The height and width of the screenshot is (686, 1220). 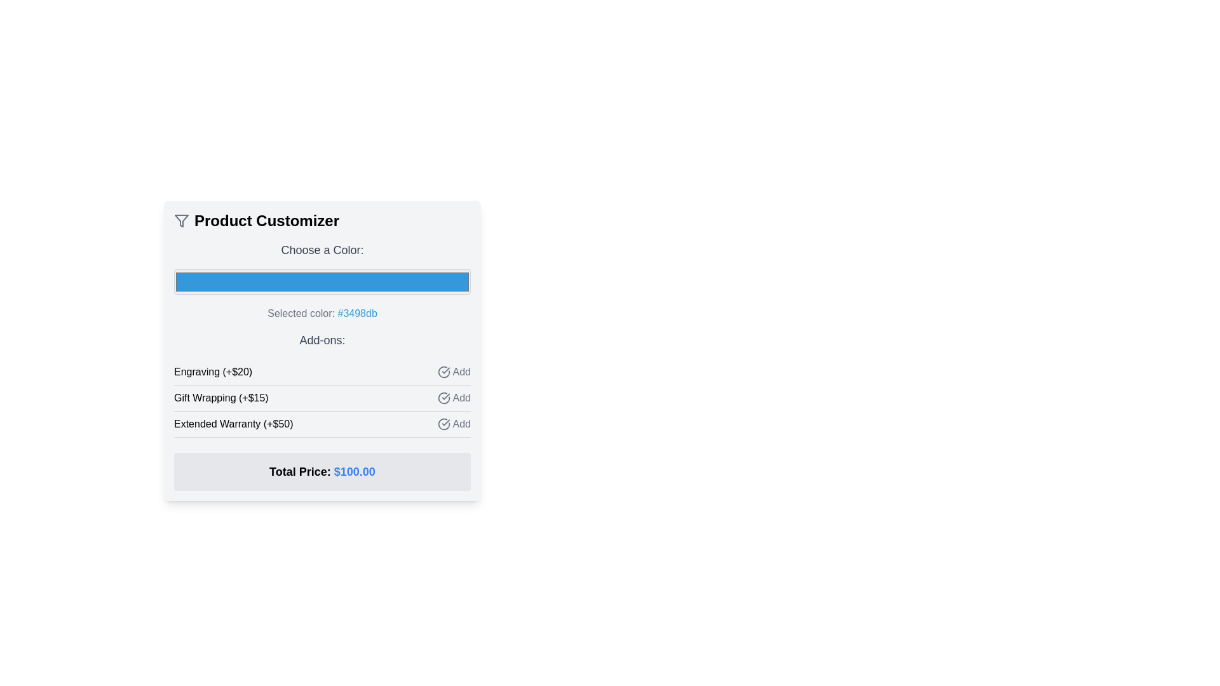 I want to click on text element displaying '$100.00' in blue, positioned to the right of 'Total Price:' in the bottom section of the interface, so click(x=355, y=472).